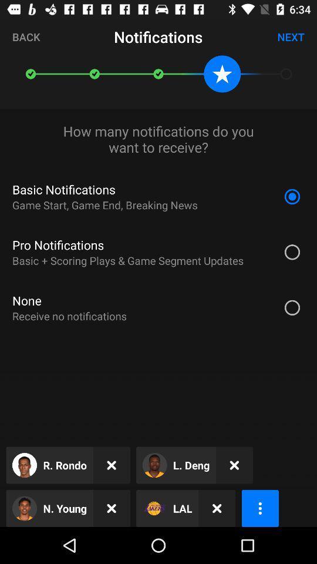 Image resolution: width=317 pixels, height=564 pixels. Describe the element at coordinates (216, 508) in the screenshot. I see `the close icon` at that location.